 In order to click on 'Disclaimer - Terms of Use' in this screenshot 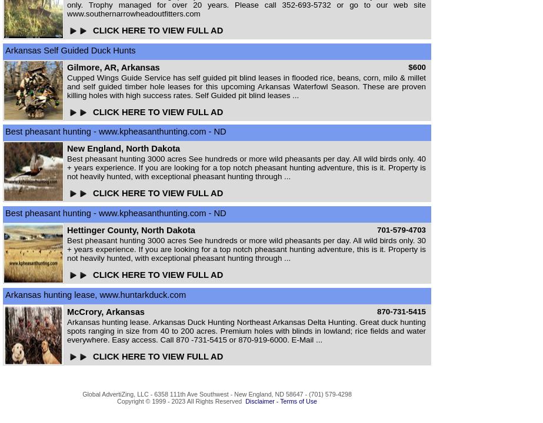, I will do `click(280, 400)`.